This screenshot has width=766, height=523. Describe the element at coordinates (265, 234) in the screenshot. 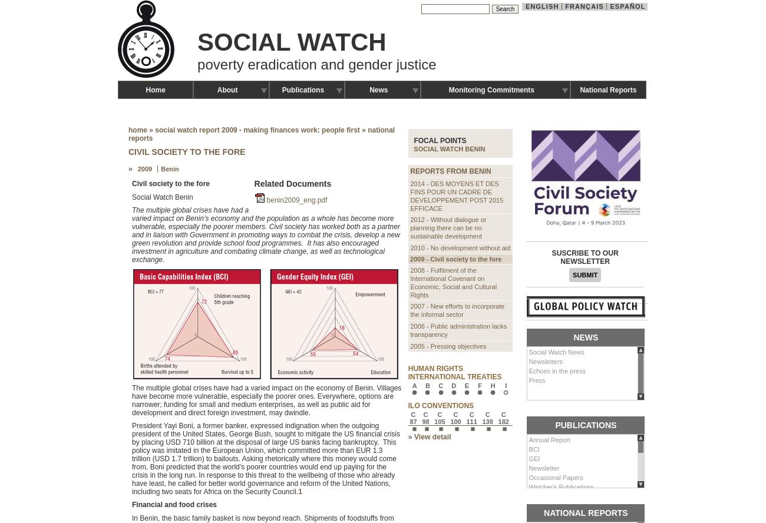

I see `'The multiple global  crises have had a varied impact on Benin’s economy and the population  as a whole has become more vulnerable, especially the poorer members. Civil  society has worked both as a partner and in liaison with Government in  promoting ways to combat the crisis, develop a new green revolution and provide  school food programmes.  It has also  encouraged investment in agriculture and combating climate change, as well as  technological exchange.'` at that location.